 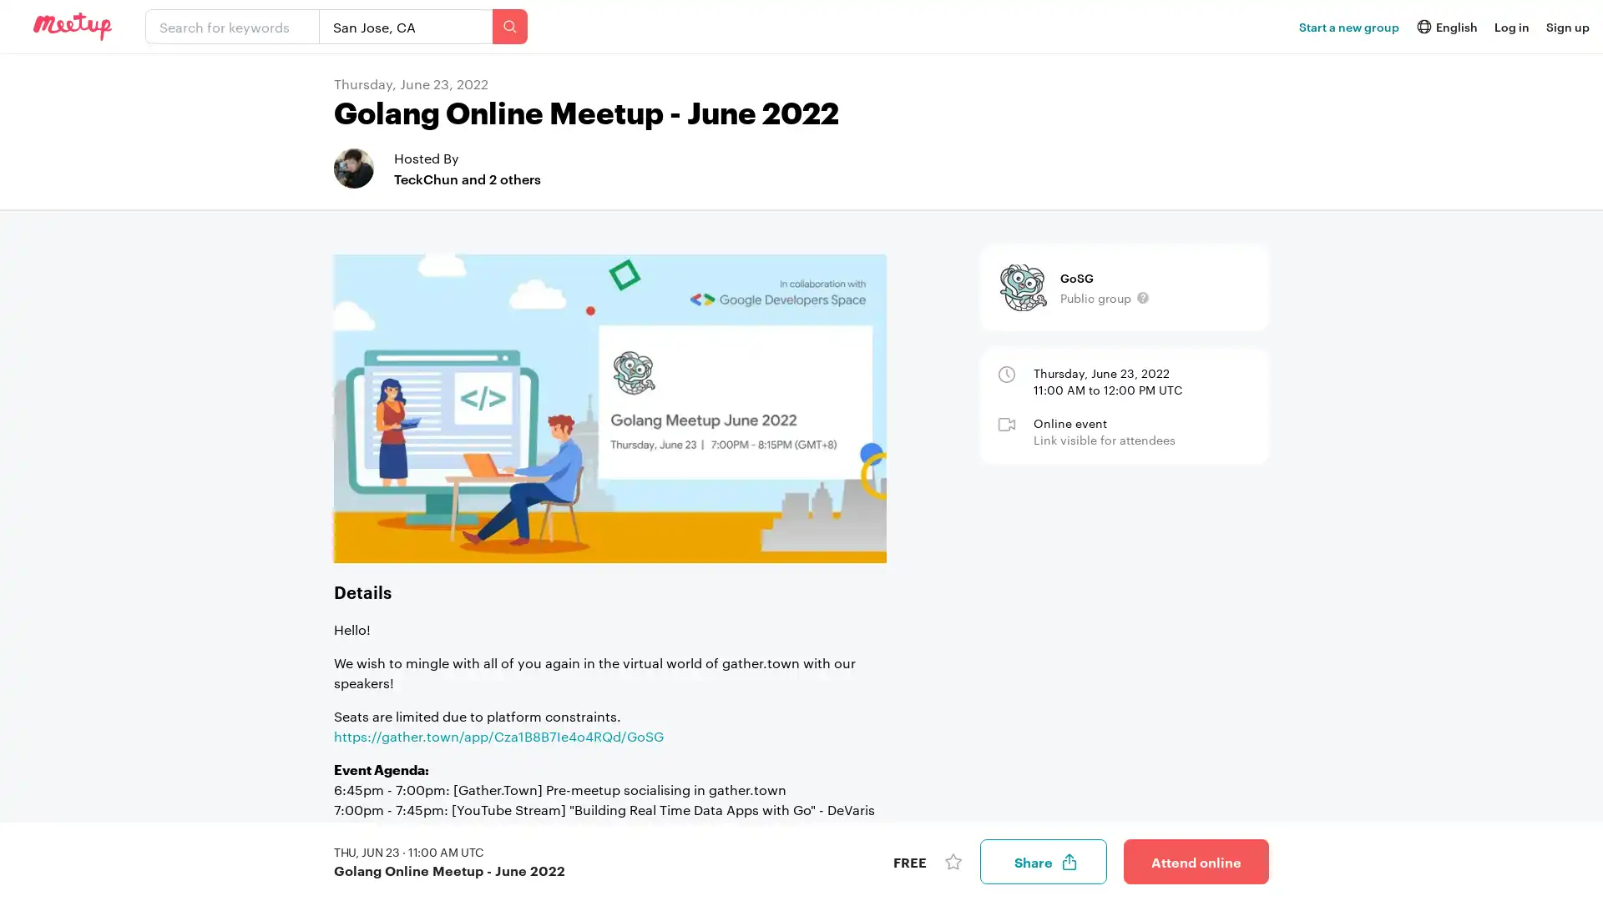 What do you see at coordinates (1196, 862) in the screenshot?
I see `Attend online` at bounding box center [1196, 862].